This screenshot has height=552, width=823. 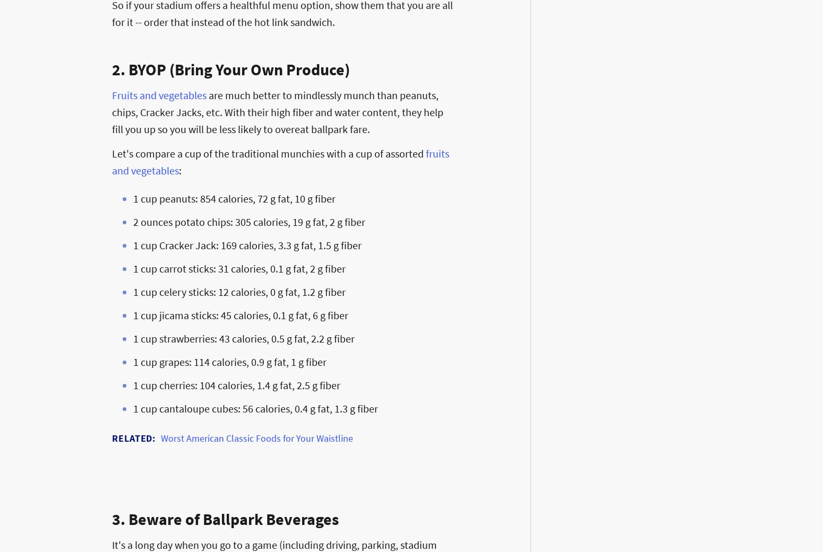 What do you see at coordinates (241, 315) in the screenshot?
I see `'1 cup jicama sticks: 45 calories, 0.1 g fat, 6 g fiber'` at bounding box center [241, 315].